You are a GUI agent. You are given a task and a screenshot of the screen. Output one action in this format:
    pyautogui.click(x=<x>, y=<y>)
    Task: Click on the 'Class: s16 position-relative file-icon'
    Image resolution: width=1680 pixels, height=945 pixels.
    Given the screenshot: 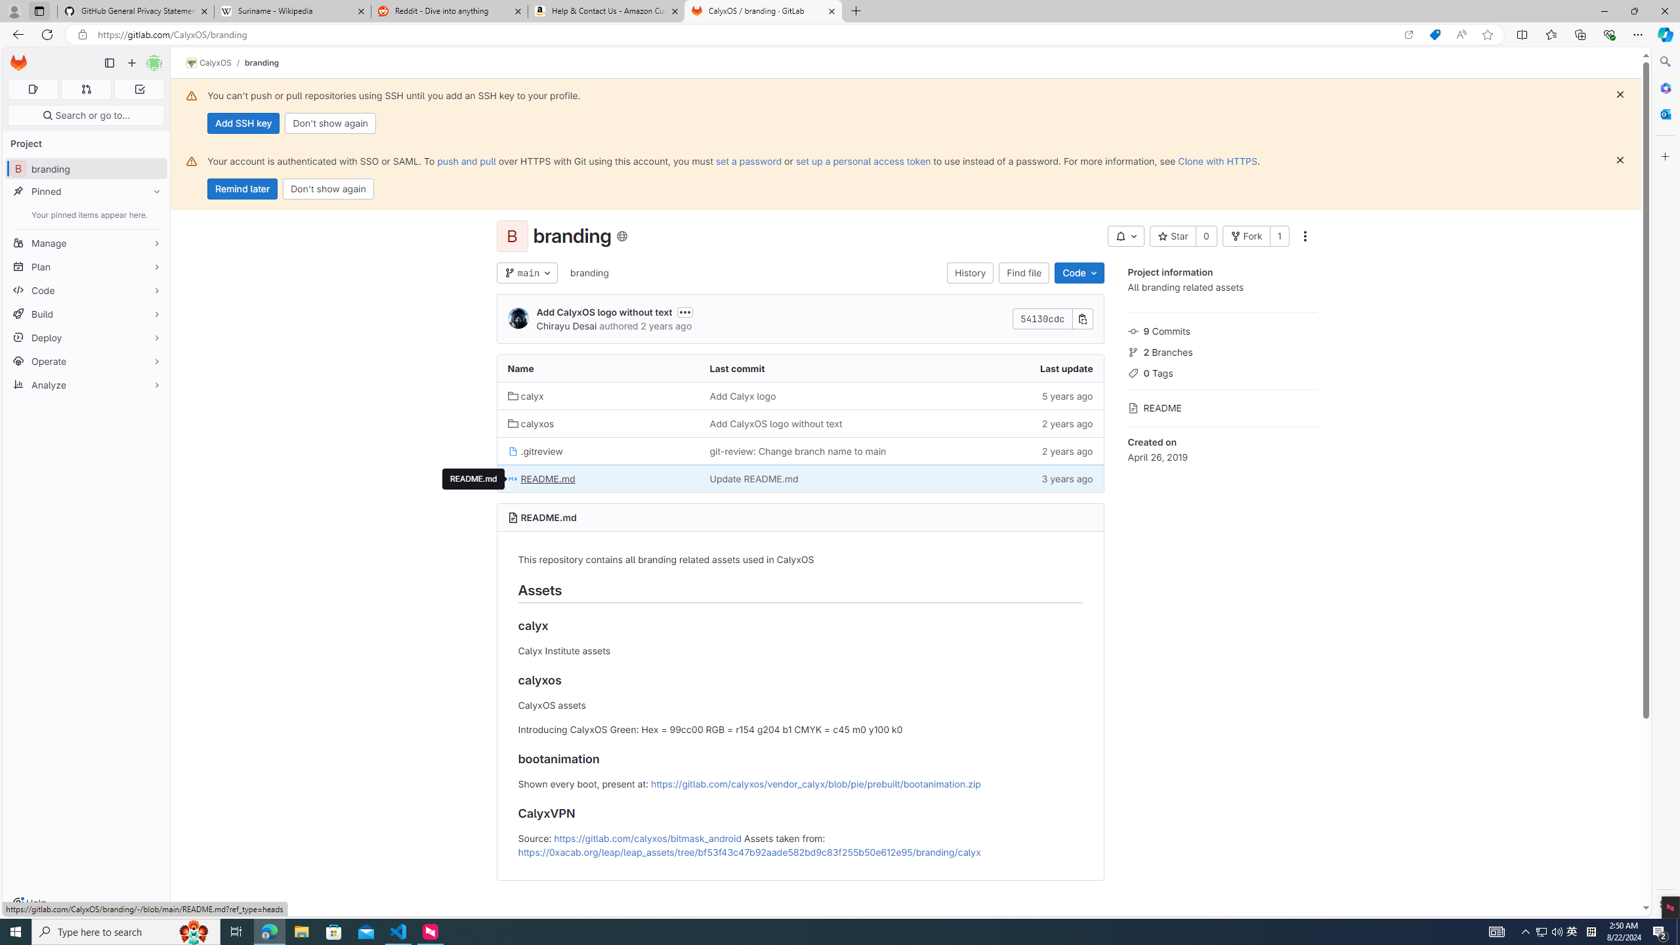 What is the action you would take?
    pyautogui.click(x=513, y=478)
    